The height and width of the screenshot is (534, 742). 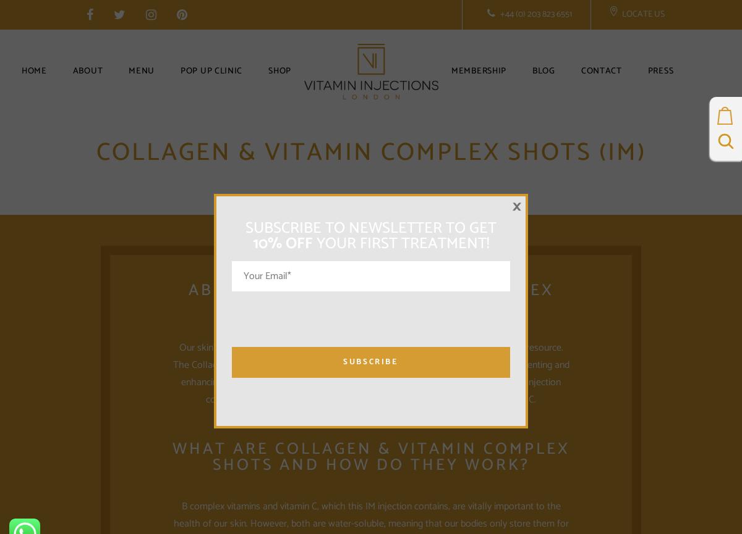 I want to click on 'Contact', so click(x=601, y=71).